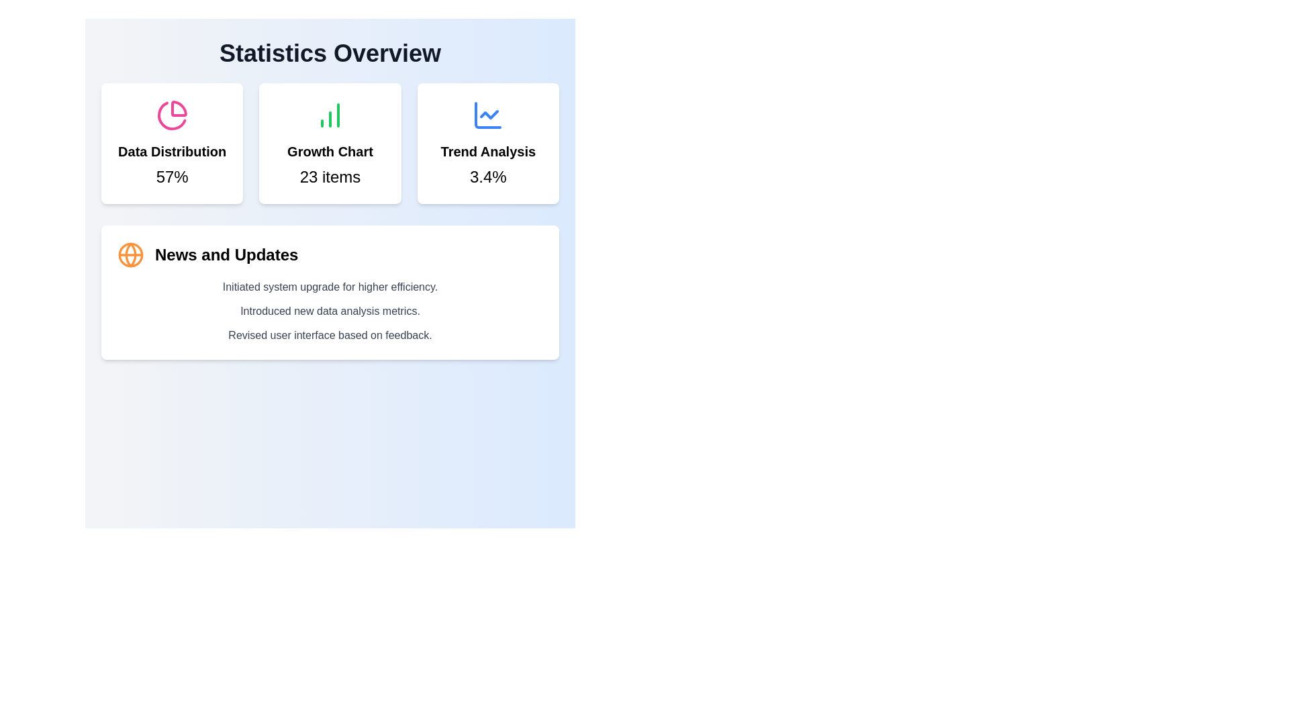  What do you see at coordinates (171, 115) in the screenshot?
I see `the pie chart icon in the 'Data Distribution' card of the 'Statistics Overview' panel, which is at the center of the card and shows '57%' below it` at bounding box center [171, 115].